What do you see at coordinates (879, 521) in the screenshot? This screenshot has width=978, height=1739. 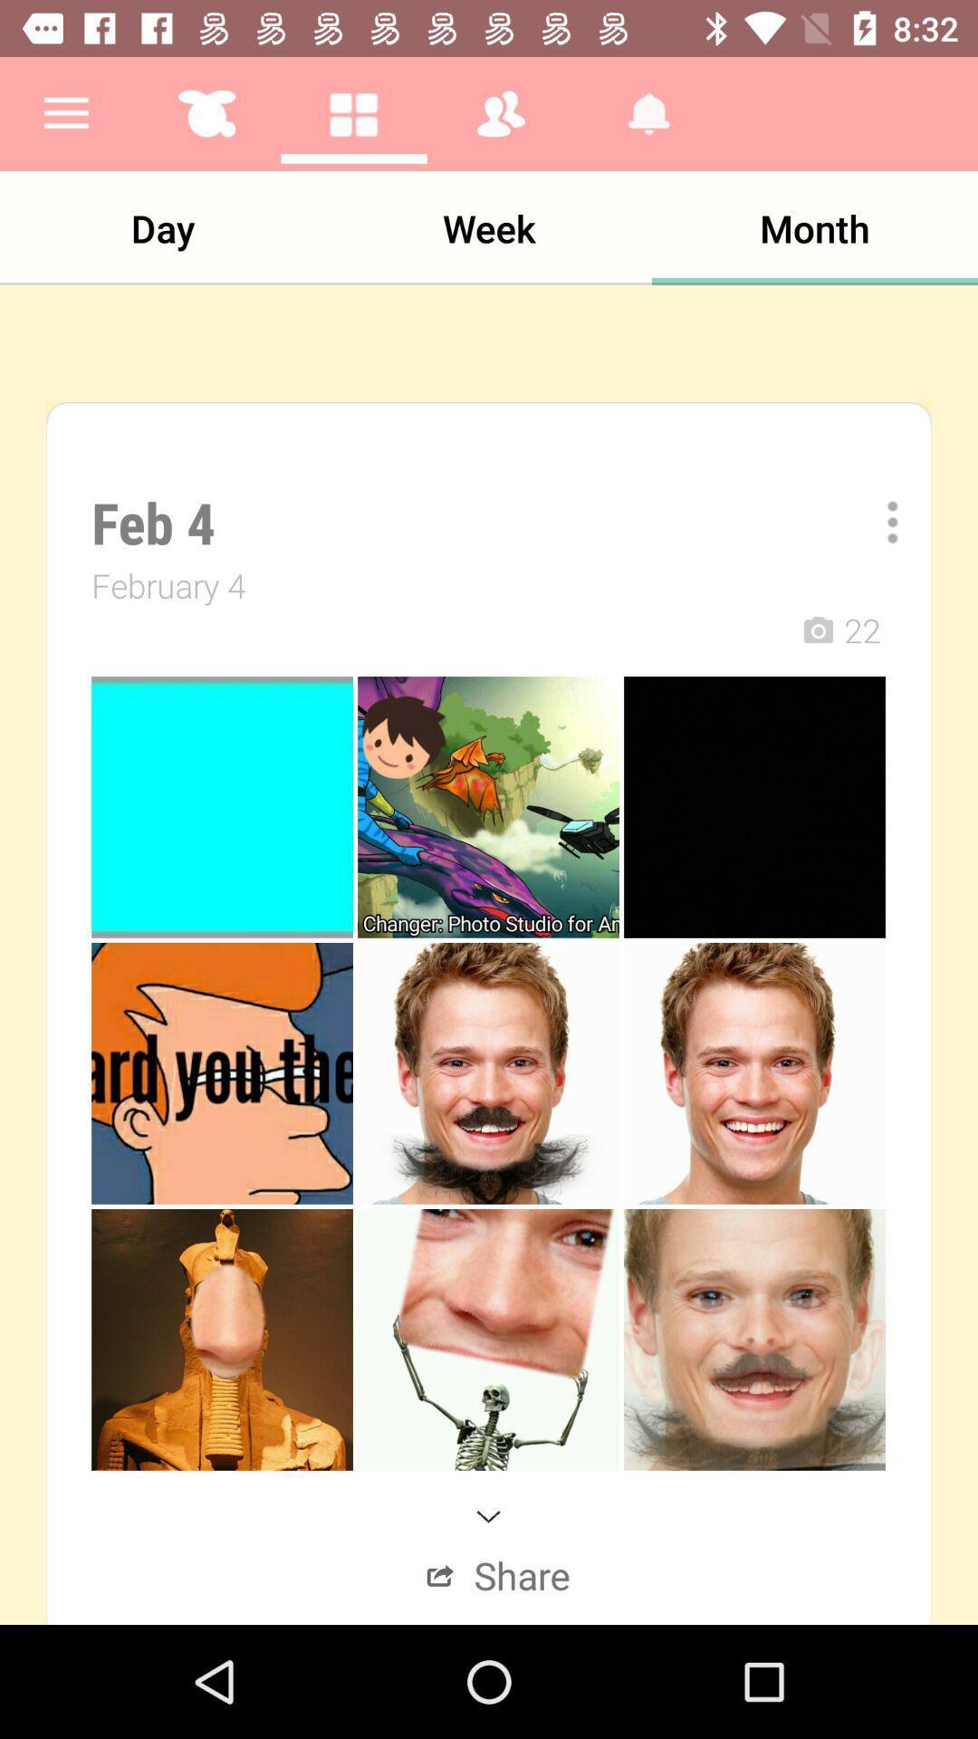 I see `choose preferred view` at bounding box center [879, 521].